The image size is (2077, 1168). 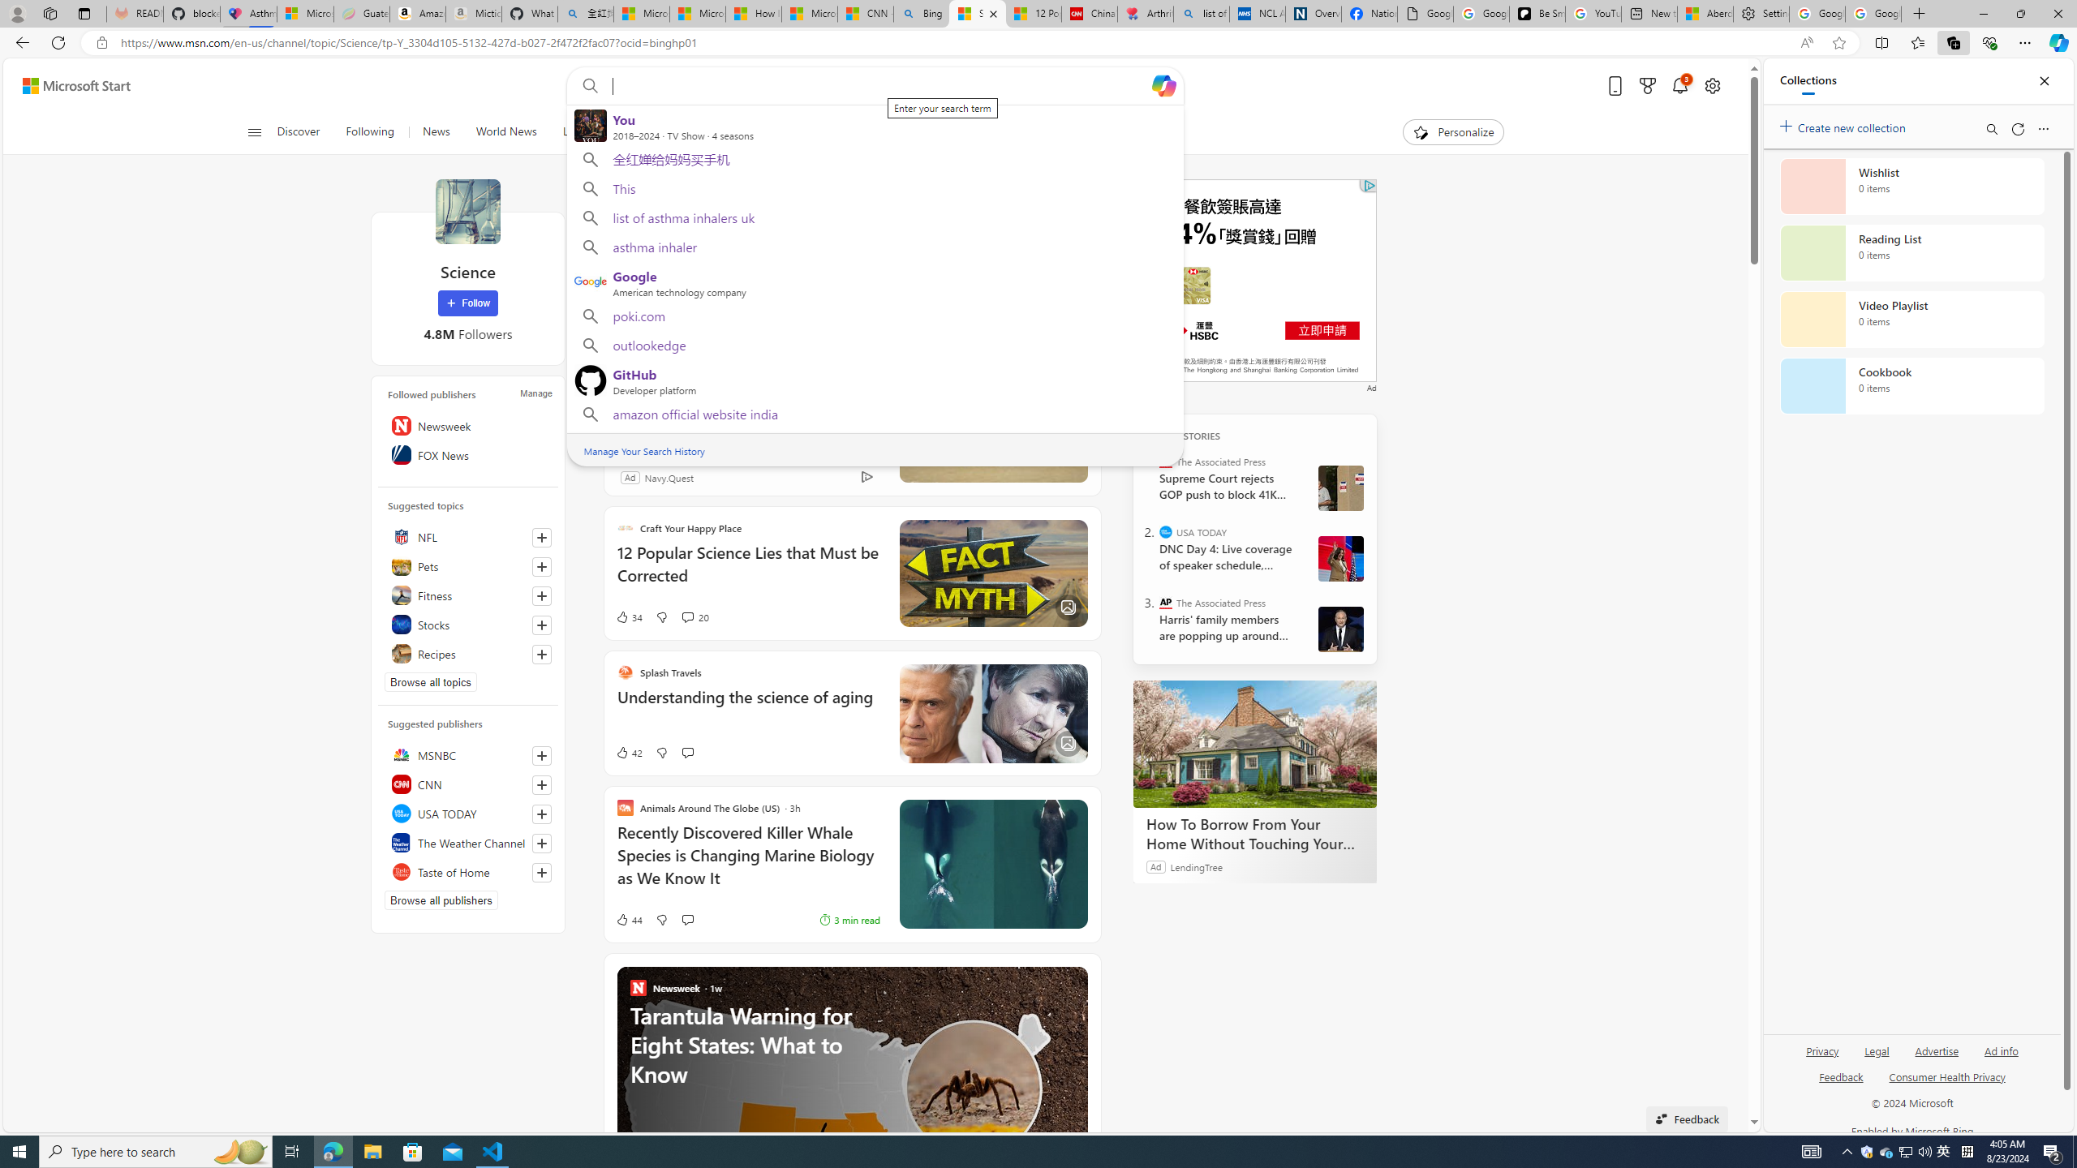 I want to click on 'Privacy', so click(x=1822, y=1056).